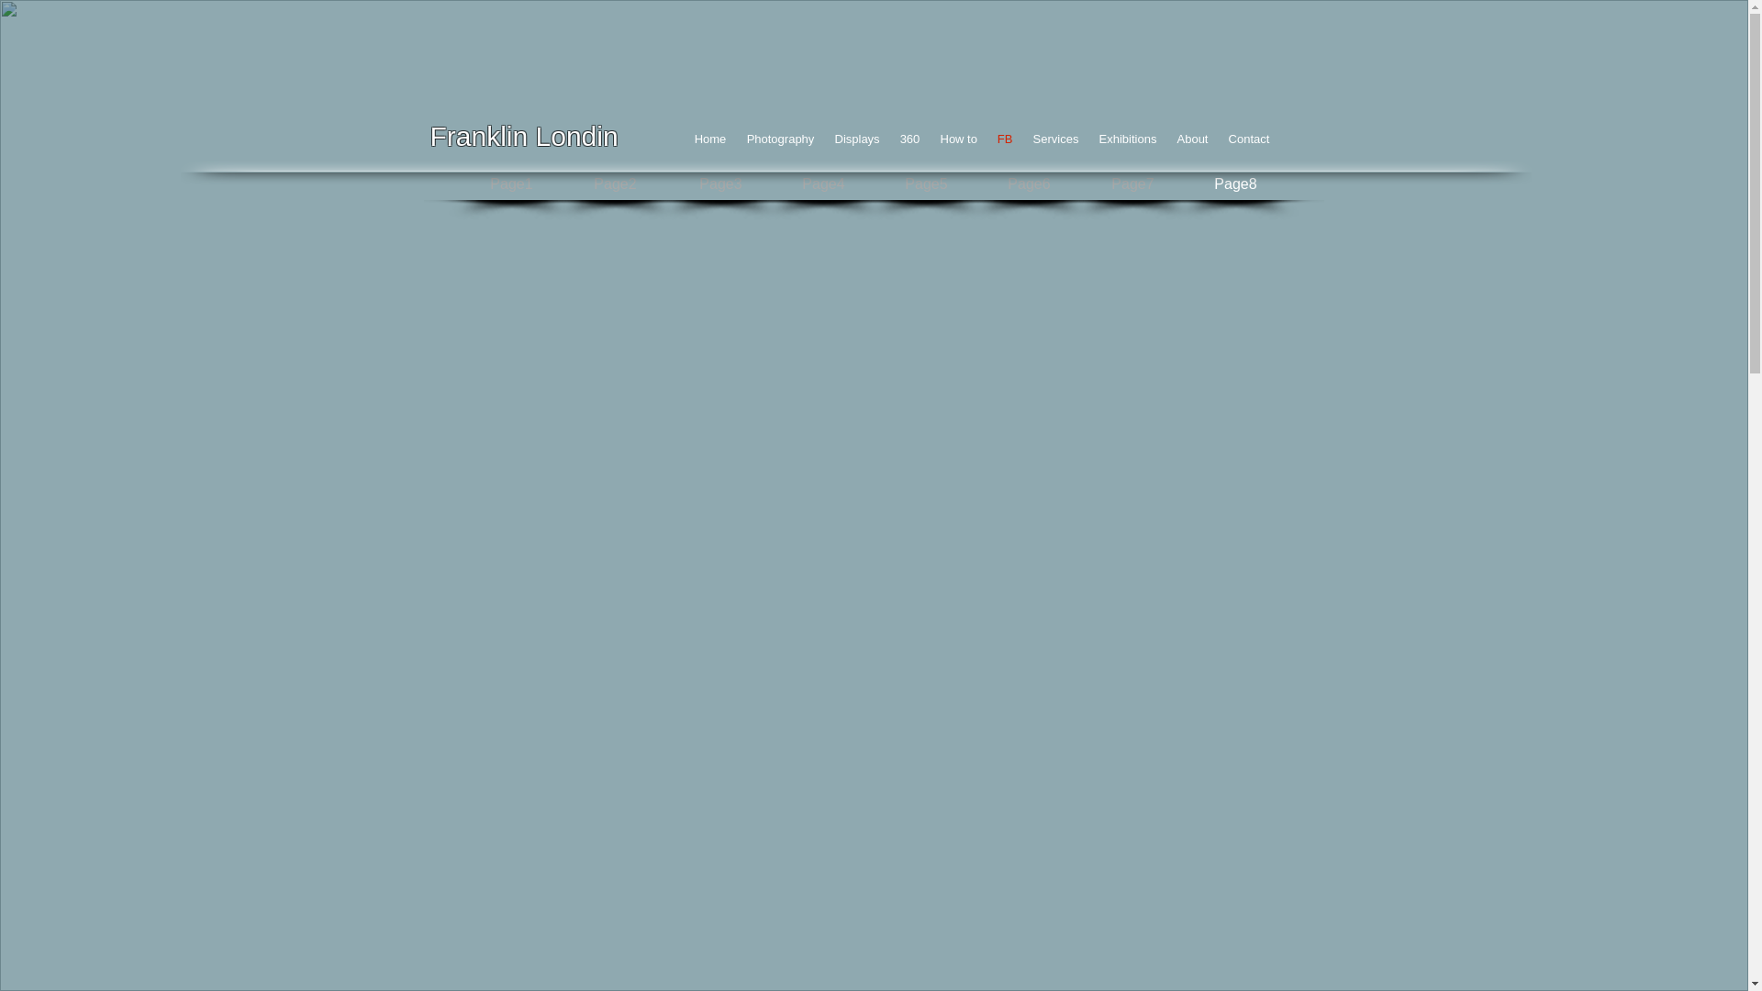  I want to click on 'Exhibitions', so click(1126, 138).